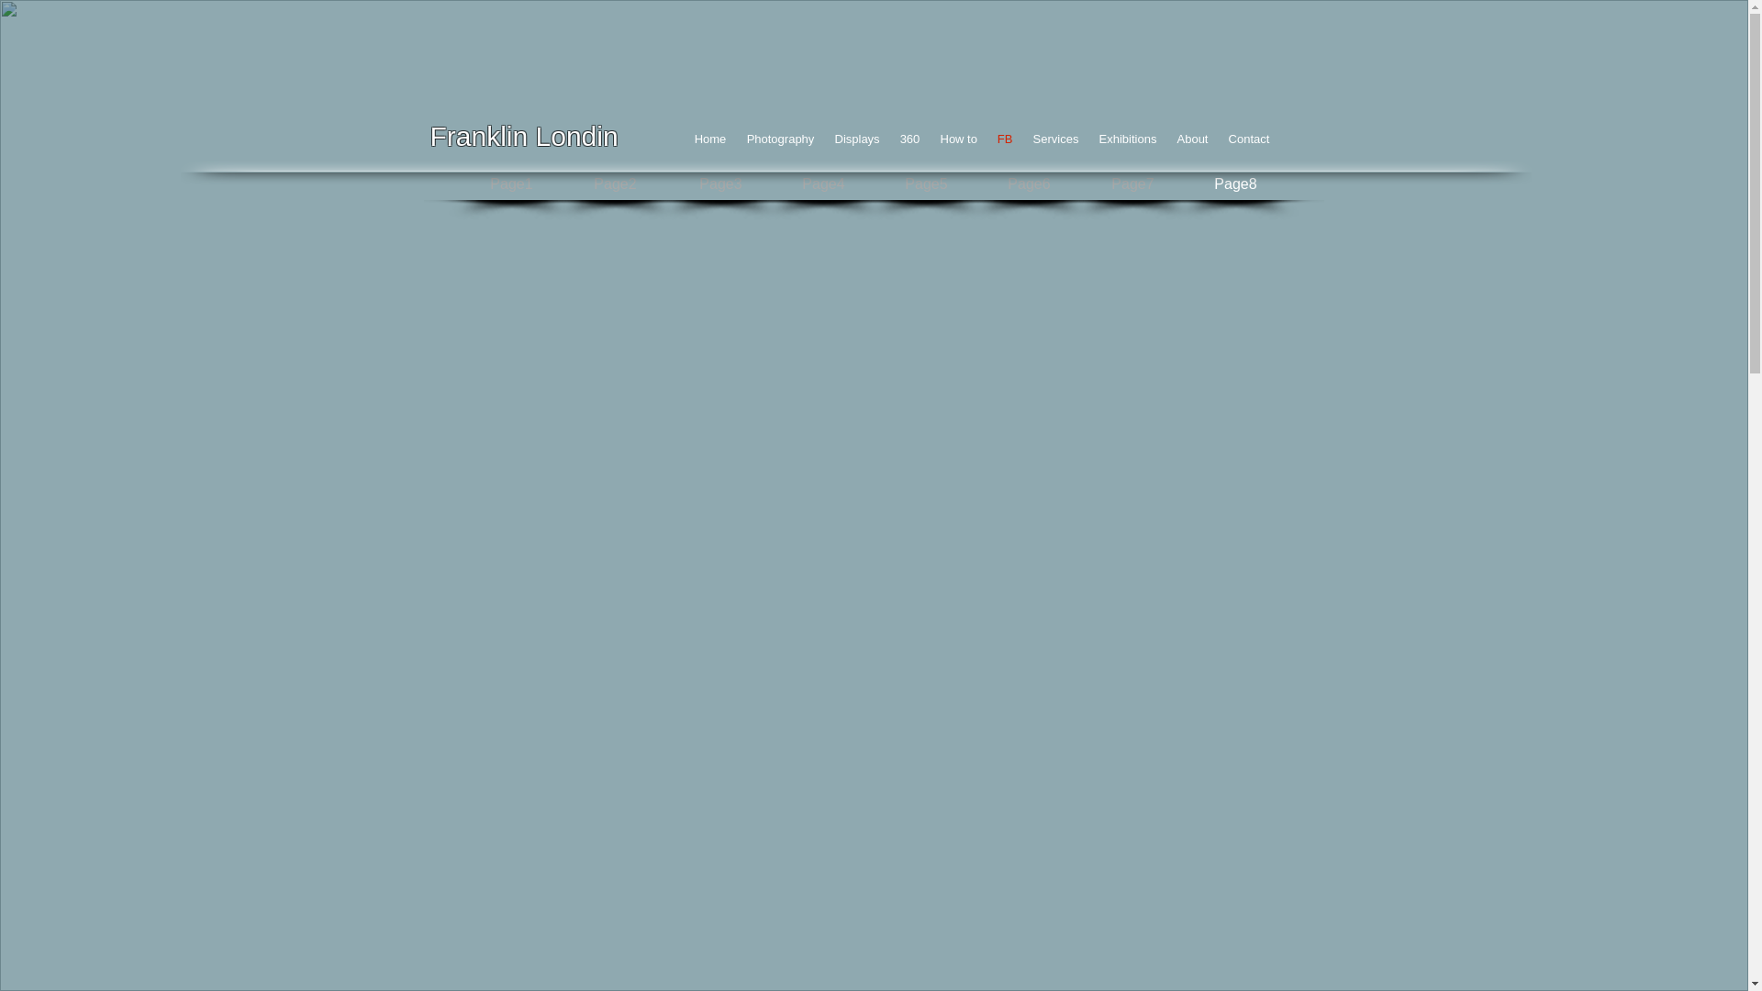  I want to click on 'Exhibitions', so click(1126, 138).